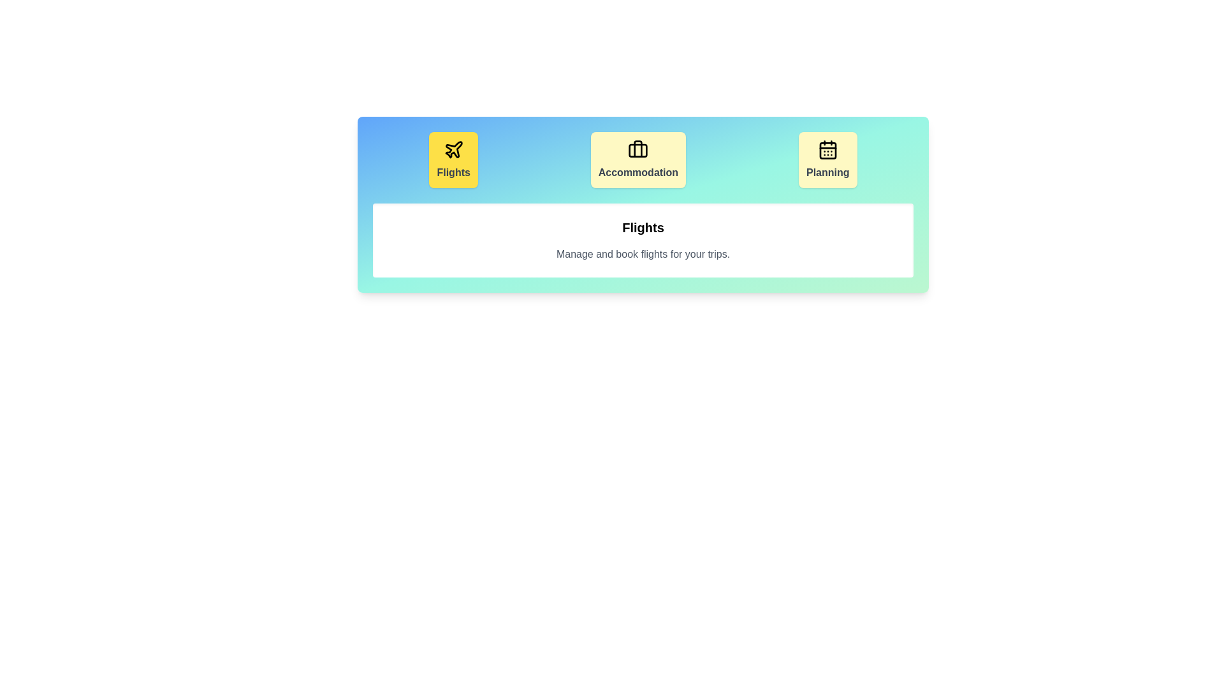  Describe the element at coordinates (453, 159) in the screenshot. I see `the button labeled Flights` at that location.